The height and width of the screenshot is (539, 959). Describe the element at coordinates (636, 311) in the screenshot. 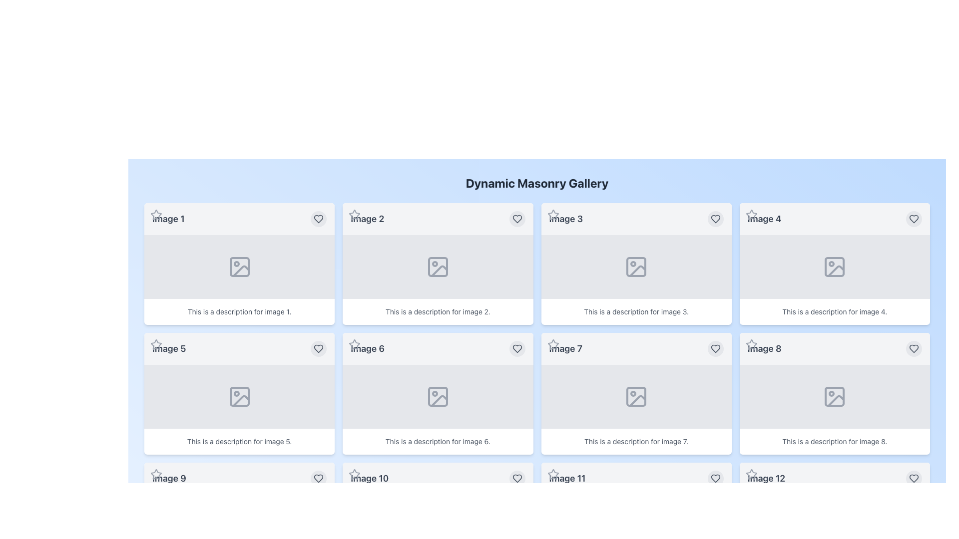

I see `text displayed in the text block that shows the phrase 'This is a description for image 3.' located at the bottom of the third card in a grid layout` at that location.